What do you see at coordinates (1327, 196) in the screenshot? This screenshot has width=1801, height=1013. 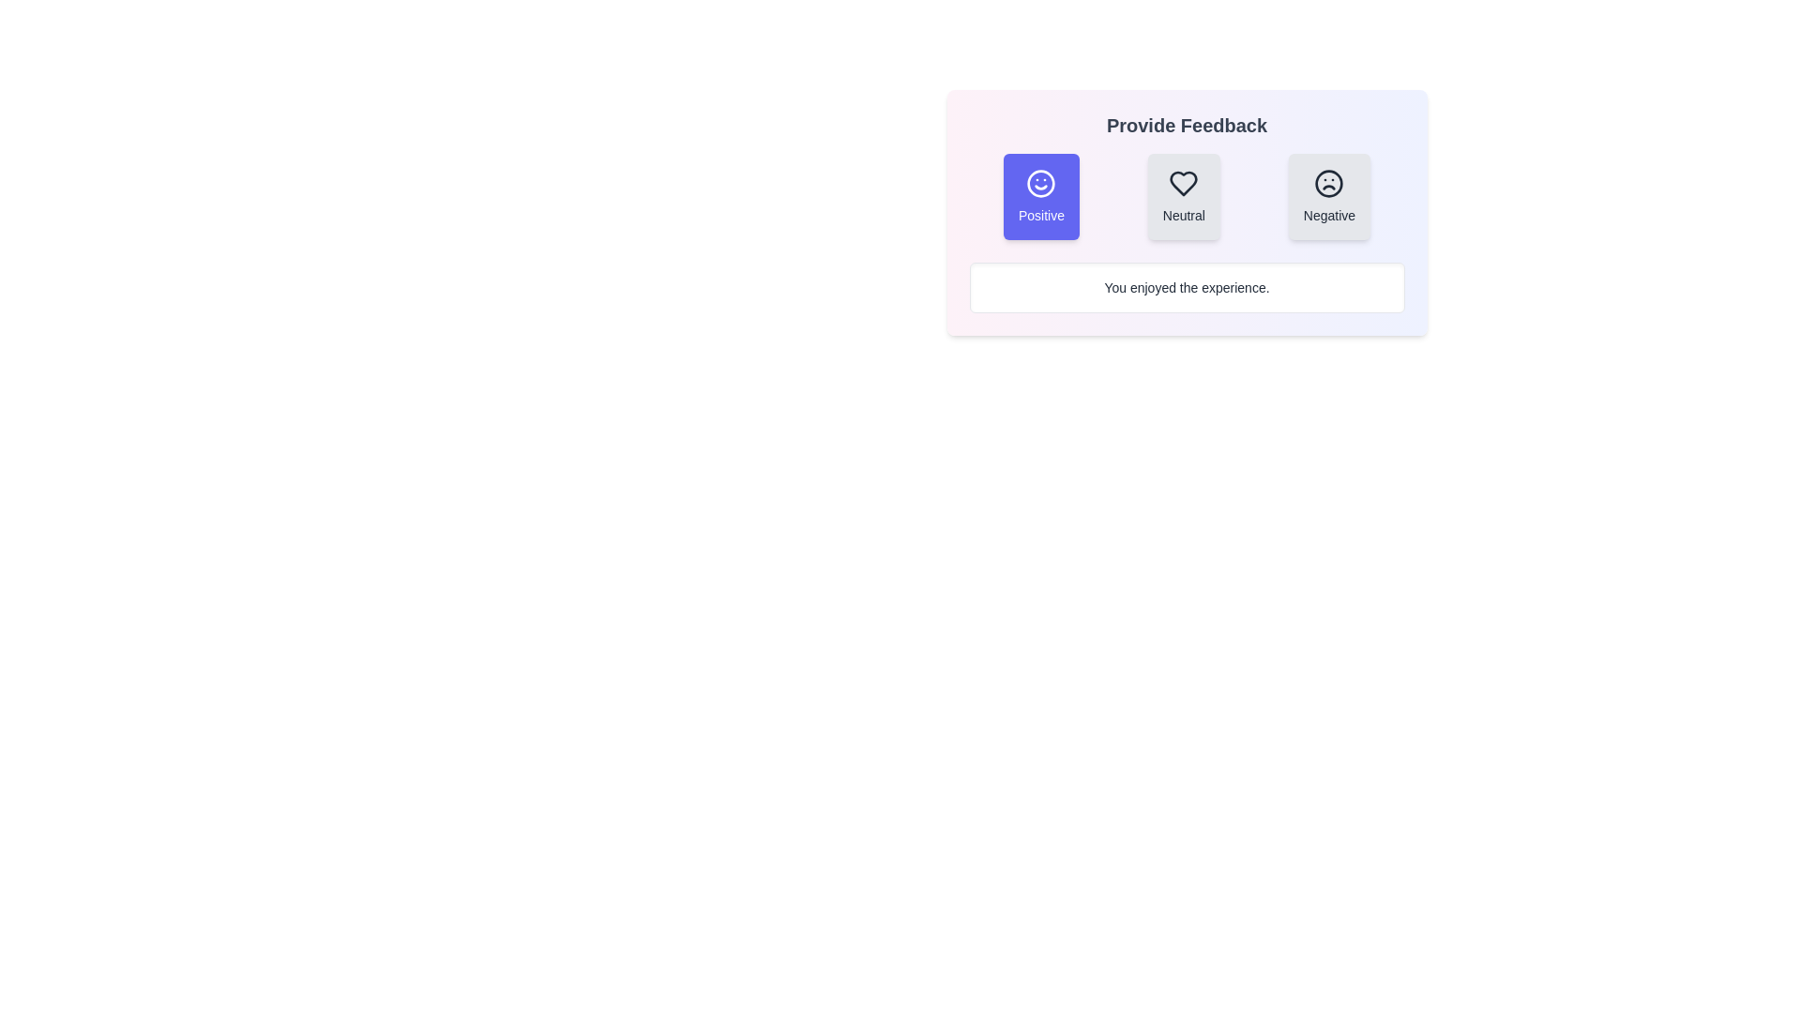 I see `the feedback option Negative by clicking the corresponding button` at bounding box center [1327, 196].